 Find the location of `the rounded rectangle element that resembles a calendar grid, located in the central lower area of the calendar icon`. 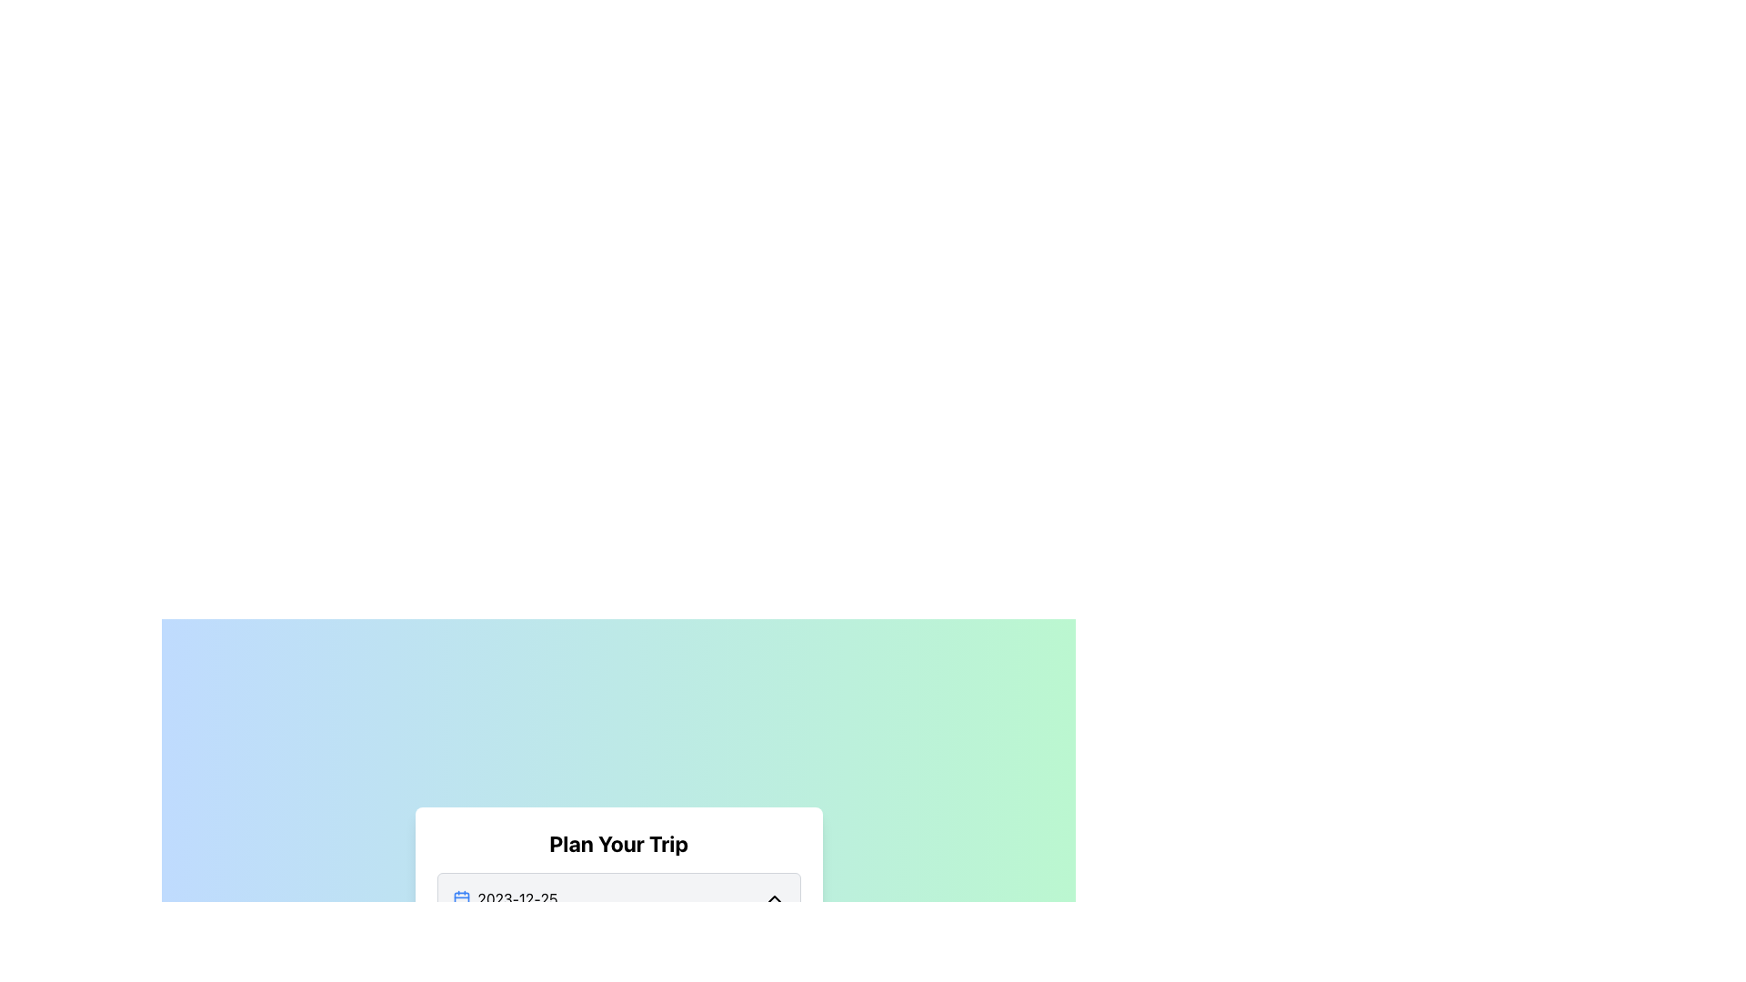

the rounded rectangle element that resembles a calendar grid, located in the central lower area of the calendar icon is located at coordinates (461, 898).